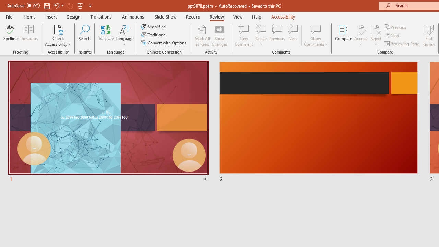 The width and height of the screenshot is (439, 247). What do you see at coordinates (316, 29) in the screenshot?
I see `'Show Comments'` at bounding box center [316, 29].